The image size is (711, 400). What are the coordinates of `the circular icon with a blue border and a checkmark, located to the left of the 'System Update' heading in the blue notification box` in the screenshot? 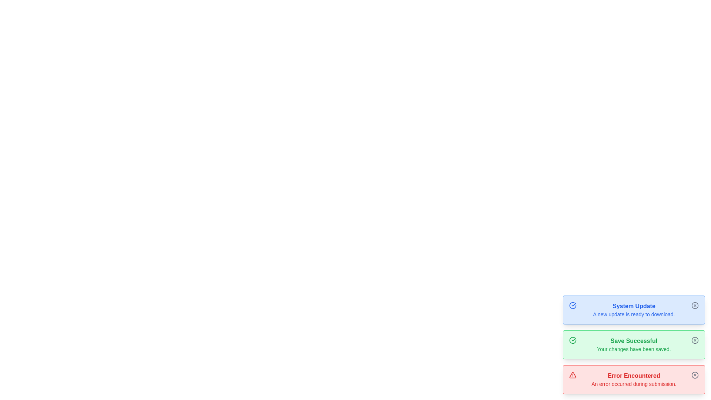 It's located at (572, 306).